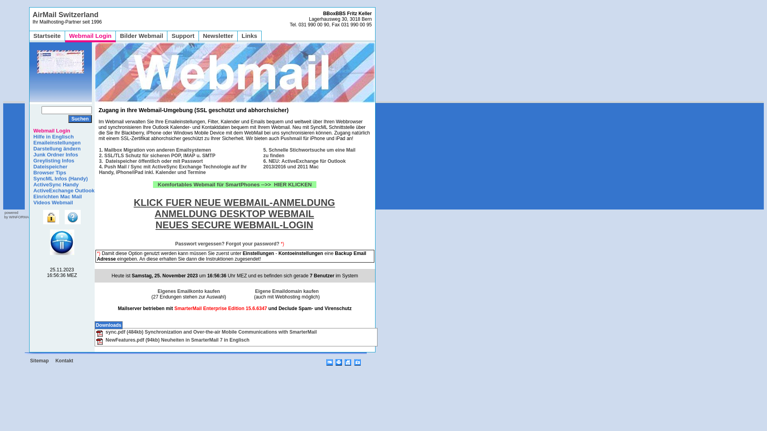 The width and height of the screenshot is (767, 431). What do you see at coordinates (53, 154) in the screenshot?
I see `'Junk Ordner Infos'` at bounding box center [53, 154].